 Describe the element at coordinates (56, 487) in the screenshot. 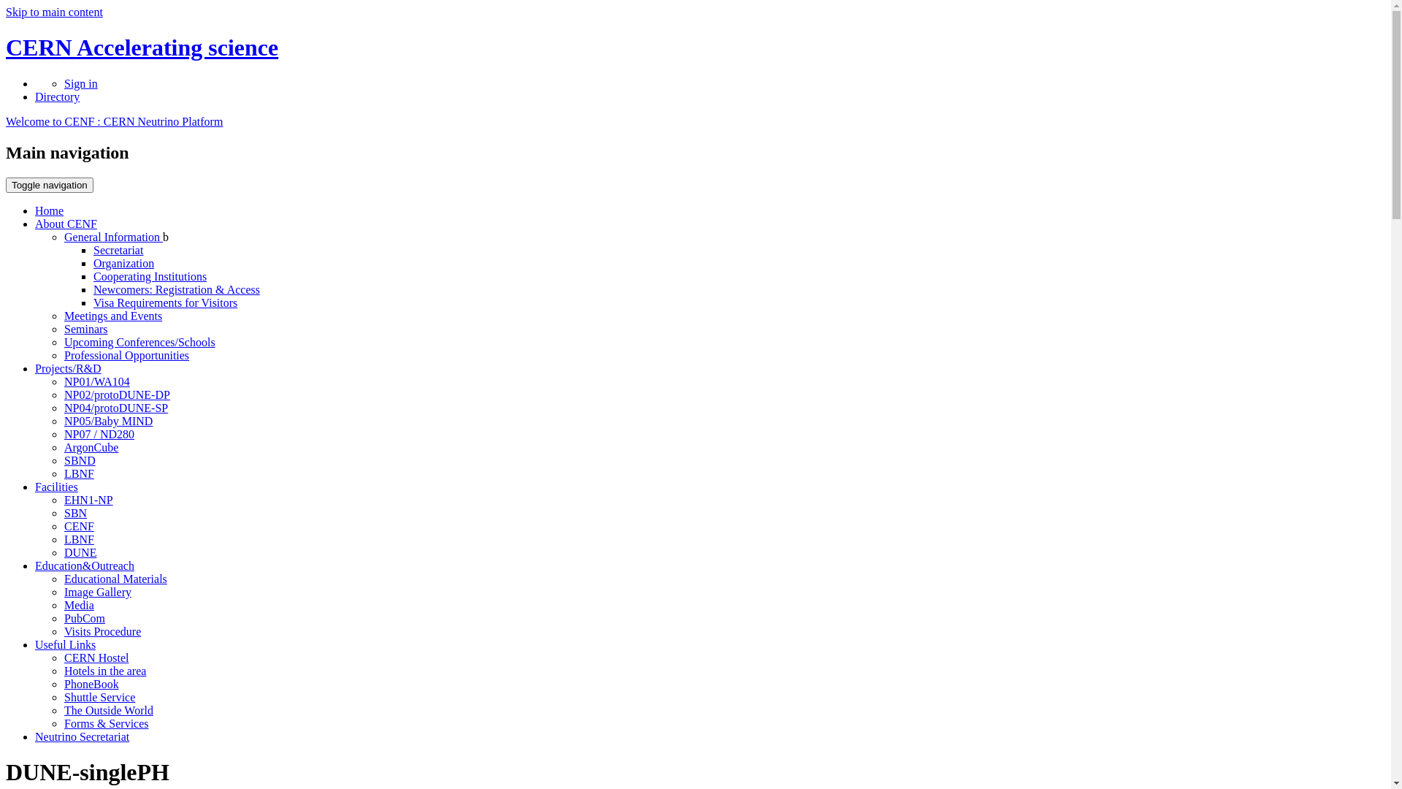

I see `'Facilities'` at that location.